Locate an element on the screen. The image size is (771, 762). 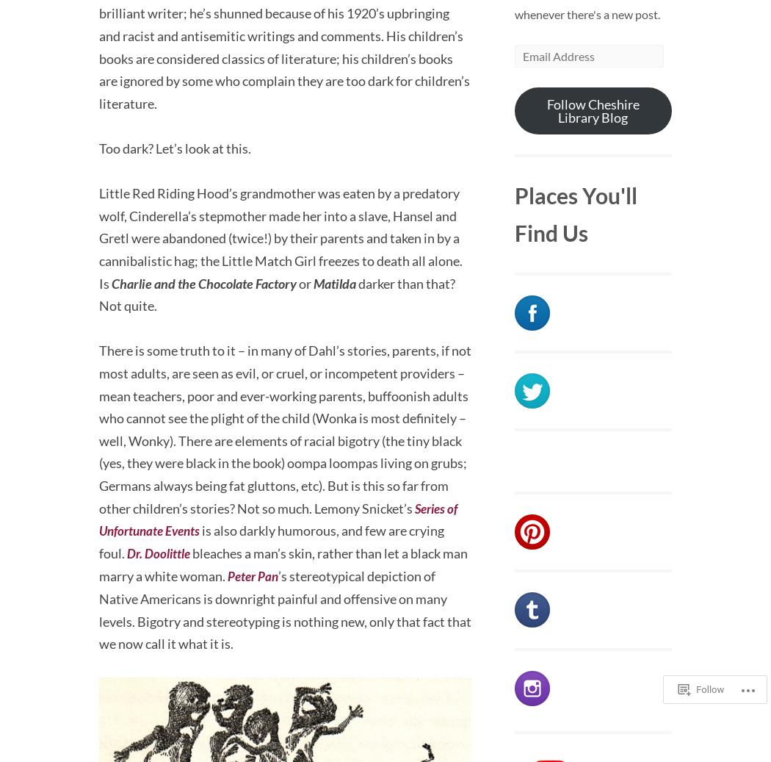
'Dr. Doolittle' is located at coordinates (127, 553).